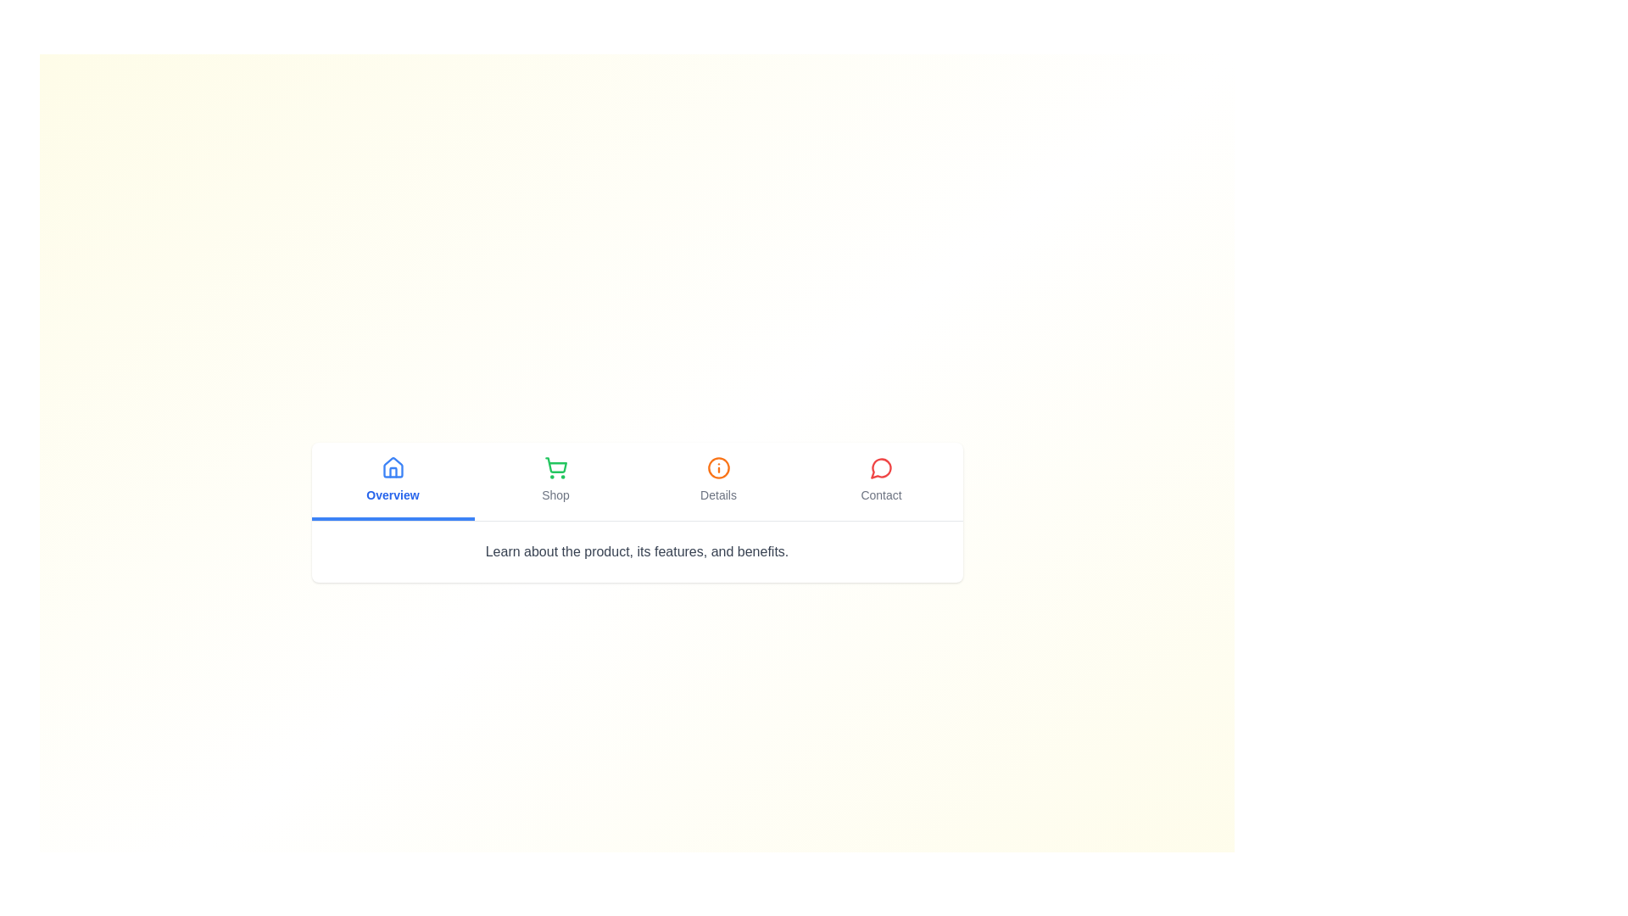  Describe the element at coordinates (881, 481) in the screenshot. I see `the Contact tab to switch to its content` at that location.